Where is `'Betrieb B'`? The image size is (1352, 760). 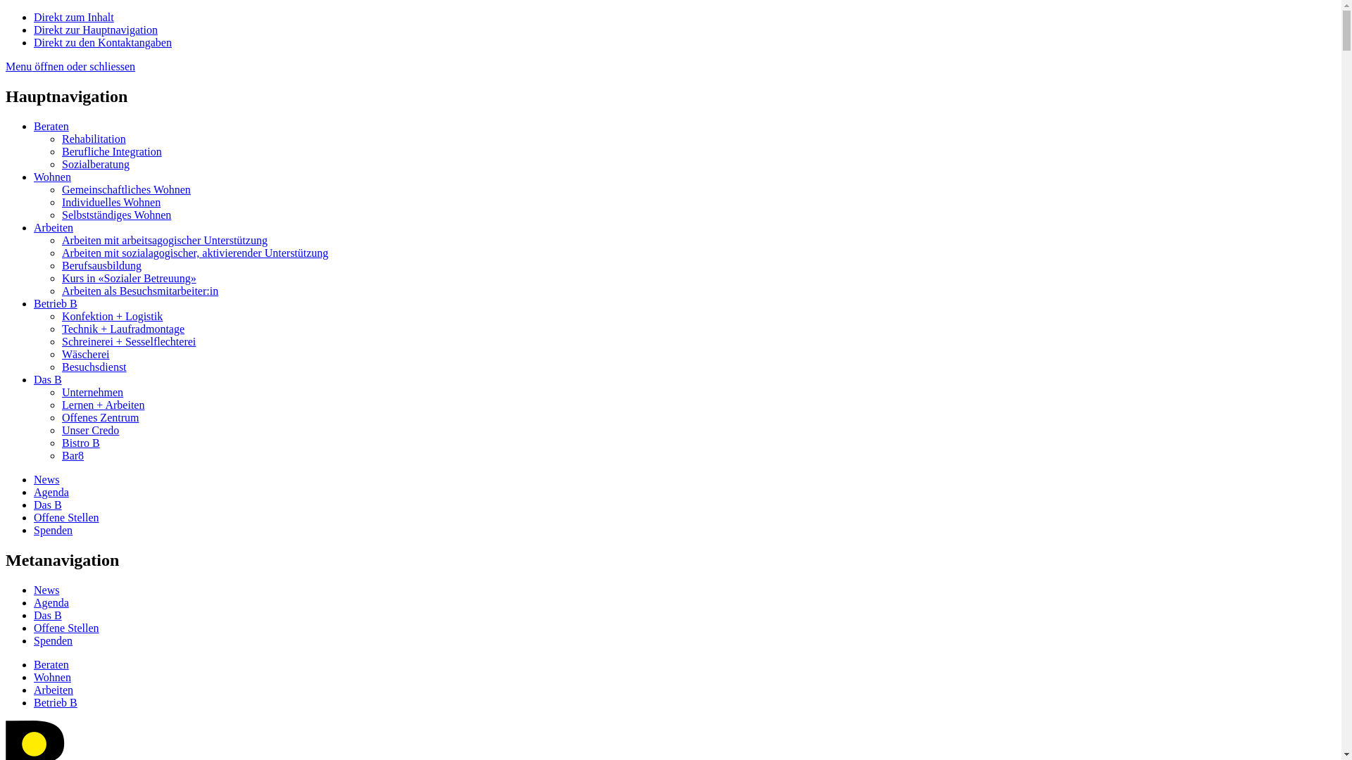 'Betrieb B' is located at coordinates (55, 702).